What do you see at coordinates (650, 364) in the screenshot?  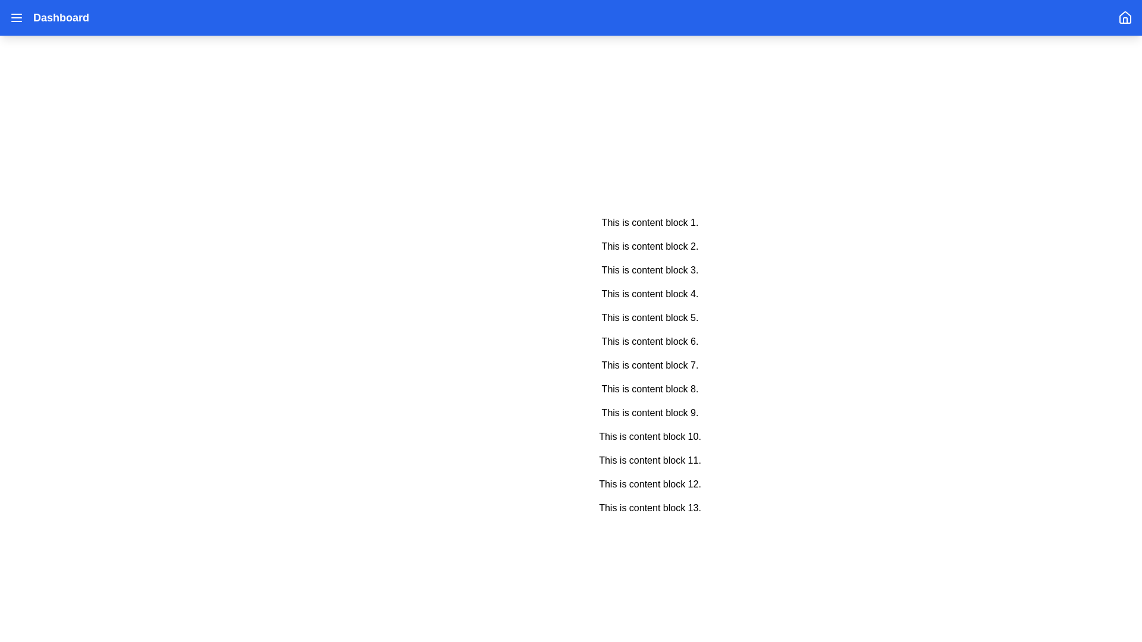 I see `the text block reading 'This is content block 7.' which is centrally located between 'This is content block 6.' and 'This is content block 8.'` at bounding box center [650, 364].